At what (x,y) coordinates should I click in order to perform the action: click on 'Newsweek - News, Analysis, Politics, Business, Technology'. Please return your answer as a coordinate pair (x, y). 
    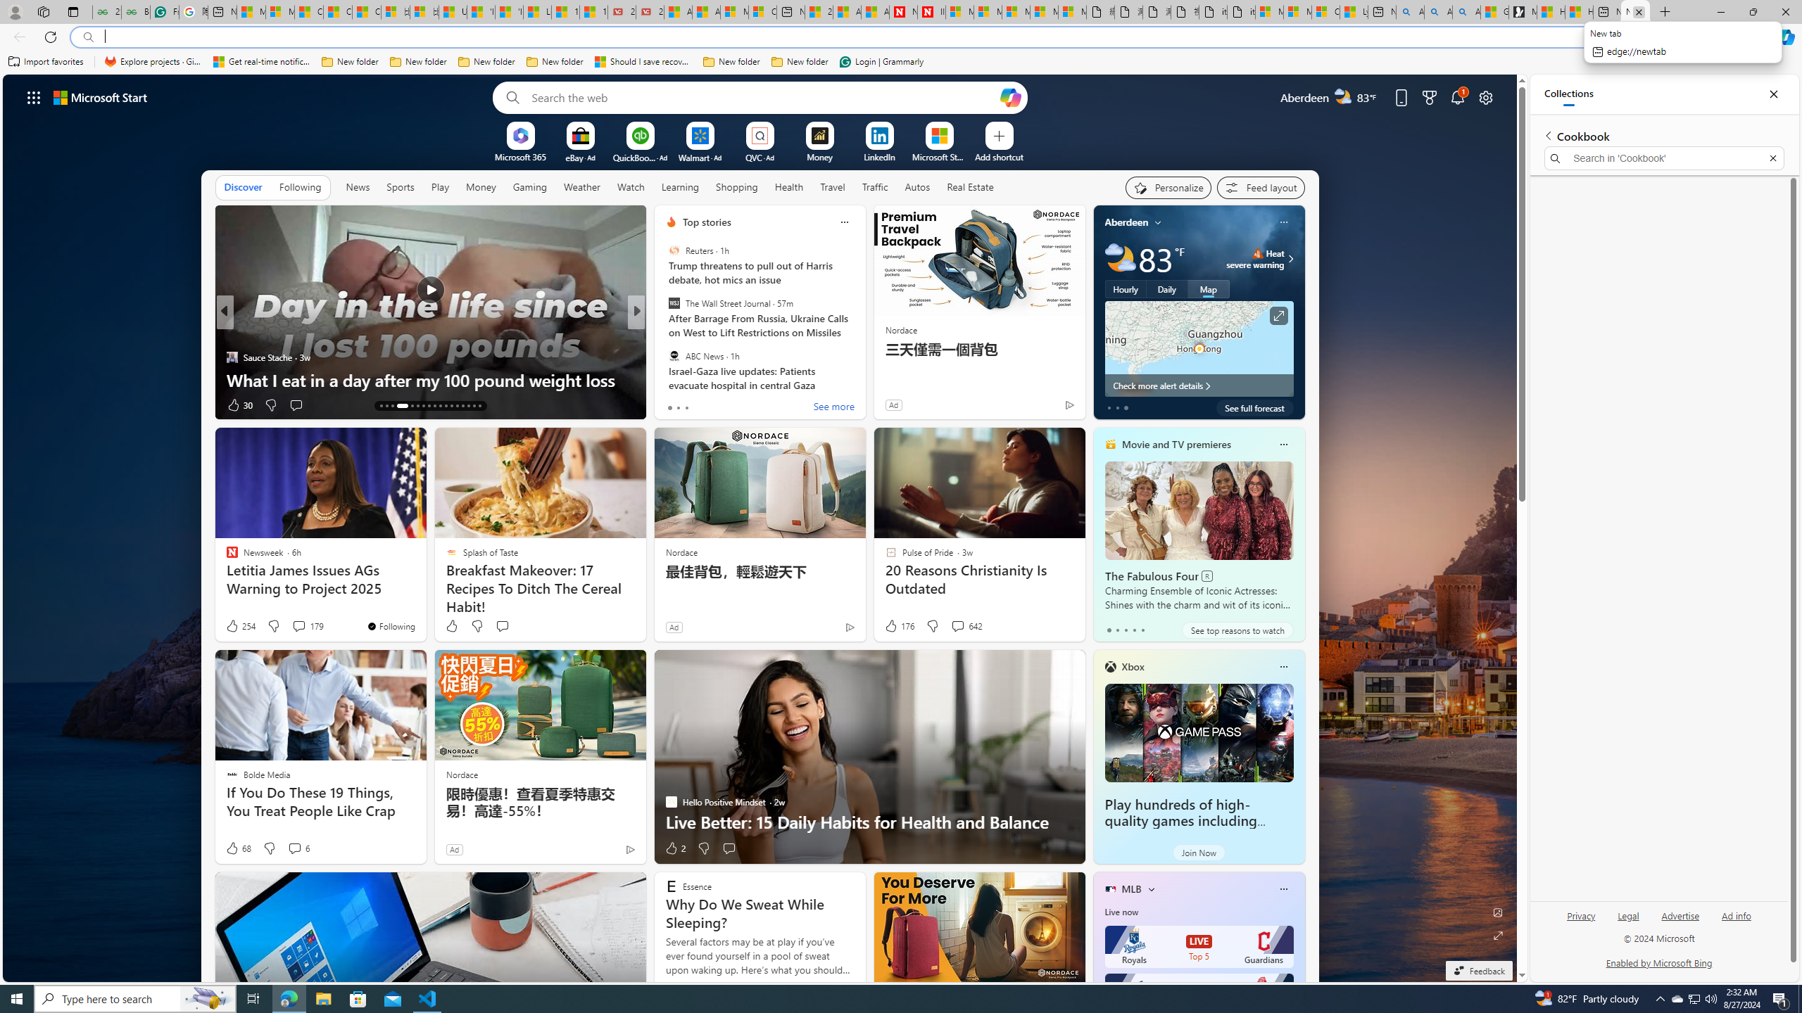
    Looking at the image, I should click on (902, 11).